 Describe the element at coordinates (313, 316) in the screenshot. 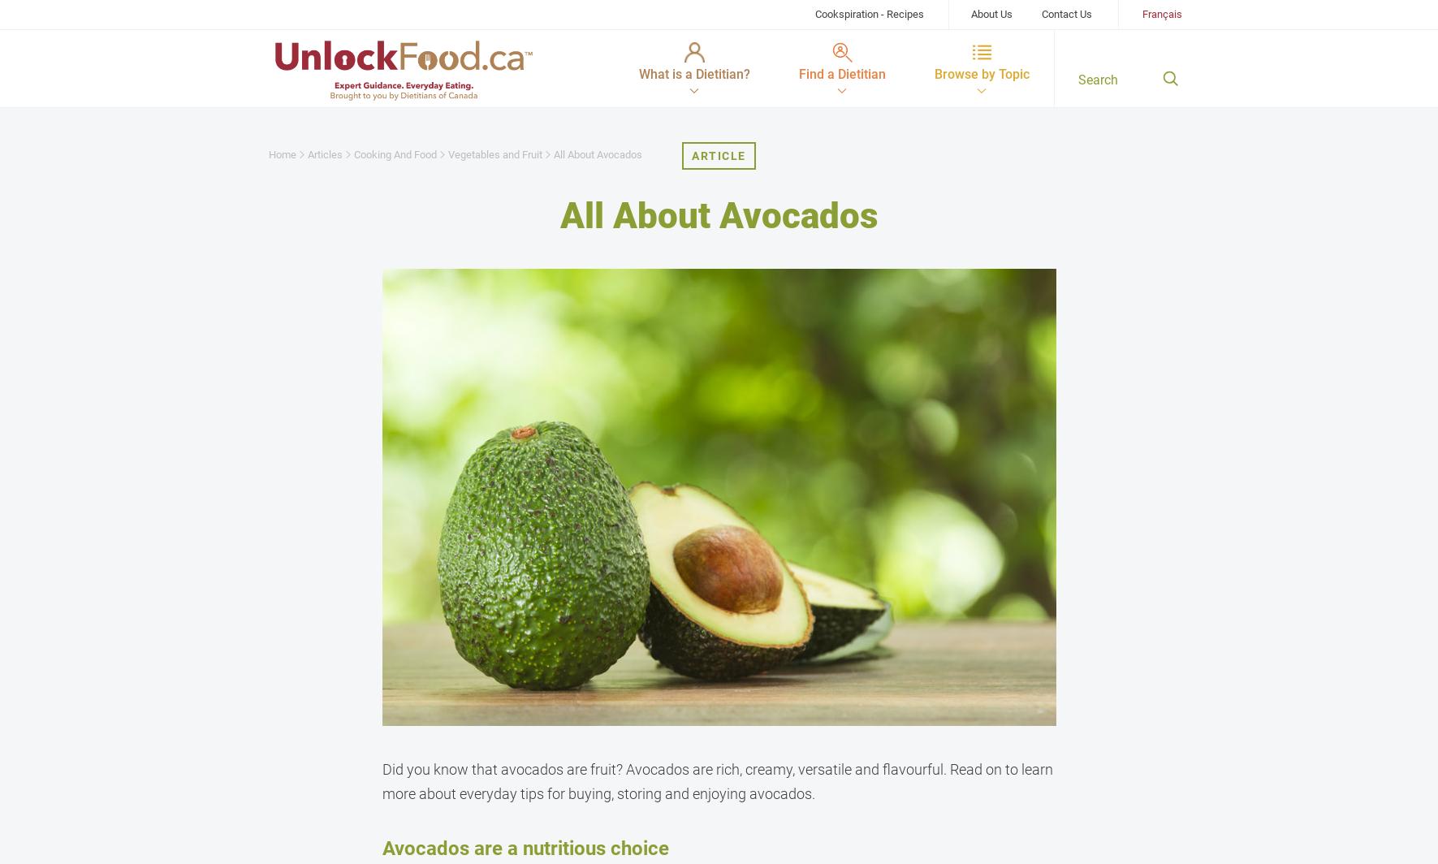

I see `'Digestion'` at that location.